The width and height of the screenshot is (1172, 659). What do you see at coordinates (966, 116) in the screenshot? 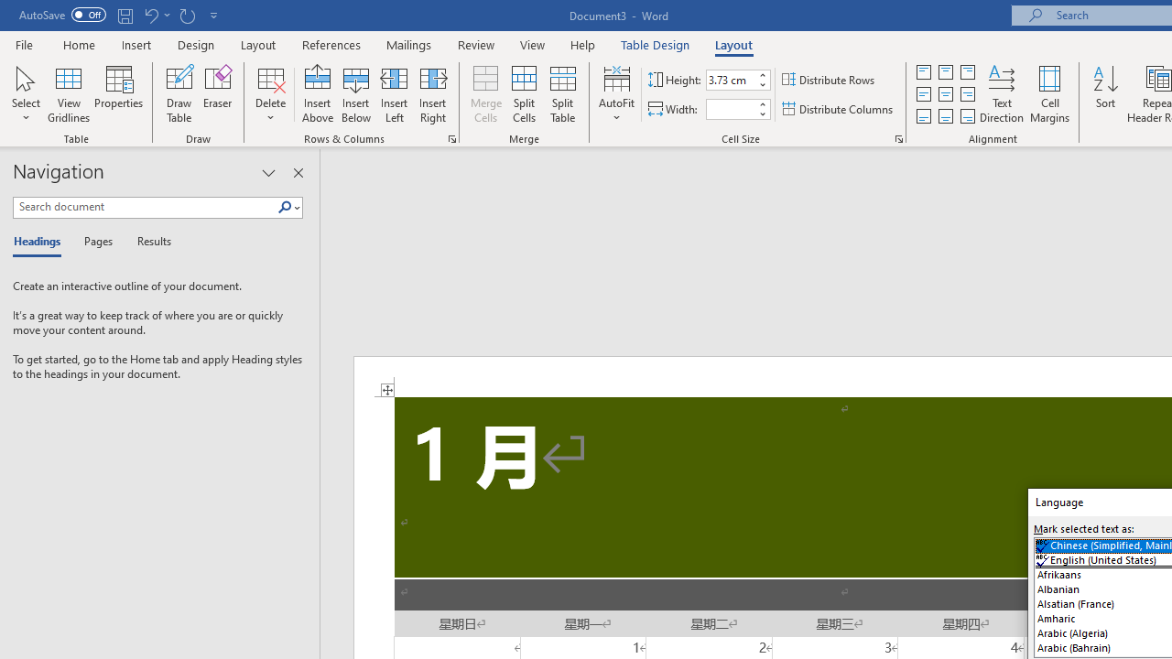
I see `'Align Bottom Right'` at bounding box center [966, 116].